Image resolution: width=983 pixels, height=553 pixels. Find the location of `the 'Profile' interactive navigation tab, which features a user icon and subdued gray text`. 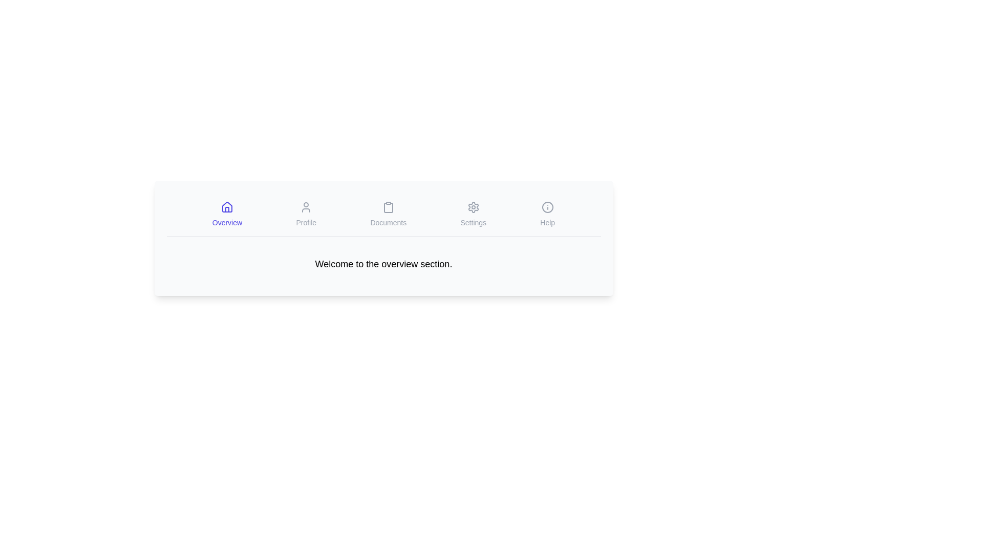

the 'Profile' interactive navigation tab, which features a user icon and subdued gray text is located at coordinates (306, 214).